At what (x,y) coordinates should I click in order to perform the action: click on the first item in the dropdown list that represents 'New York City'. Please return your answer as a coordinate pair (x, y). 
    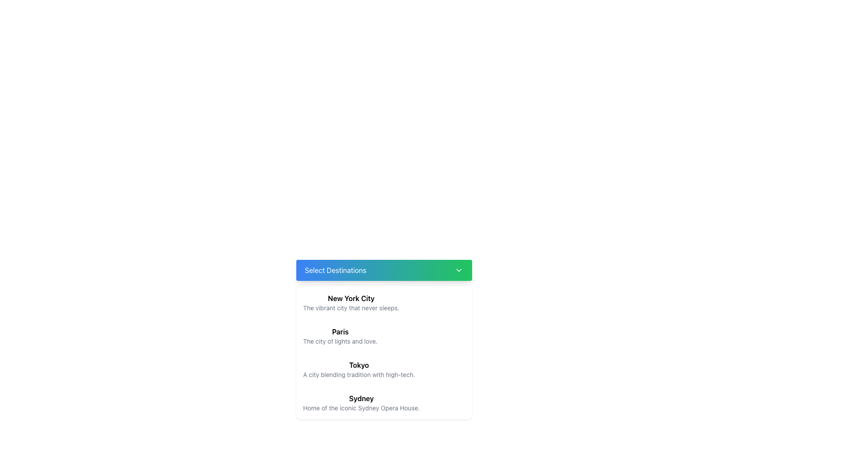
    Looking at the image, I should click on (384, 302).